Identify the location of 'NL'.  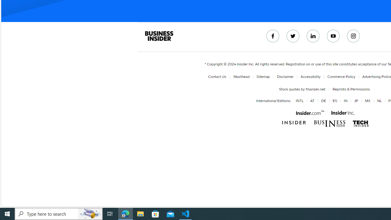
(378, 101).